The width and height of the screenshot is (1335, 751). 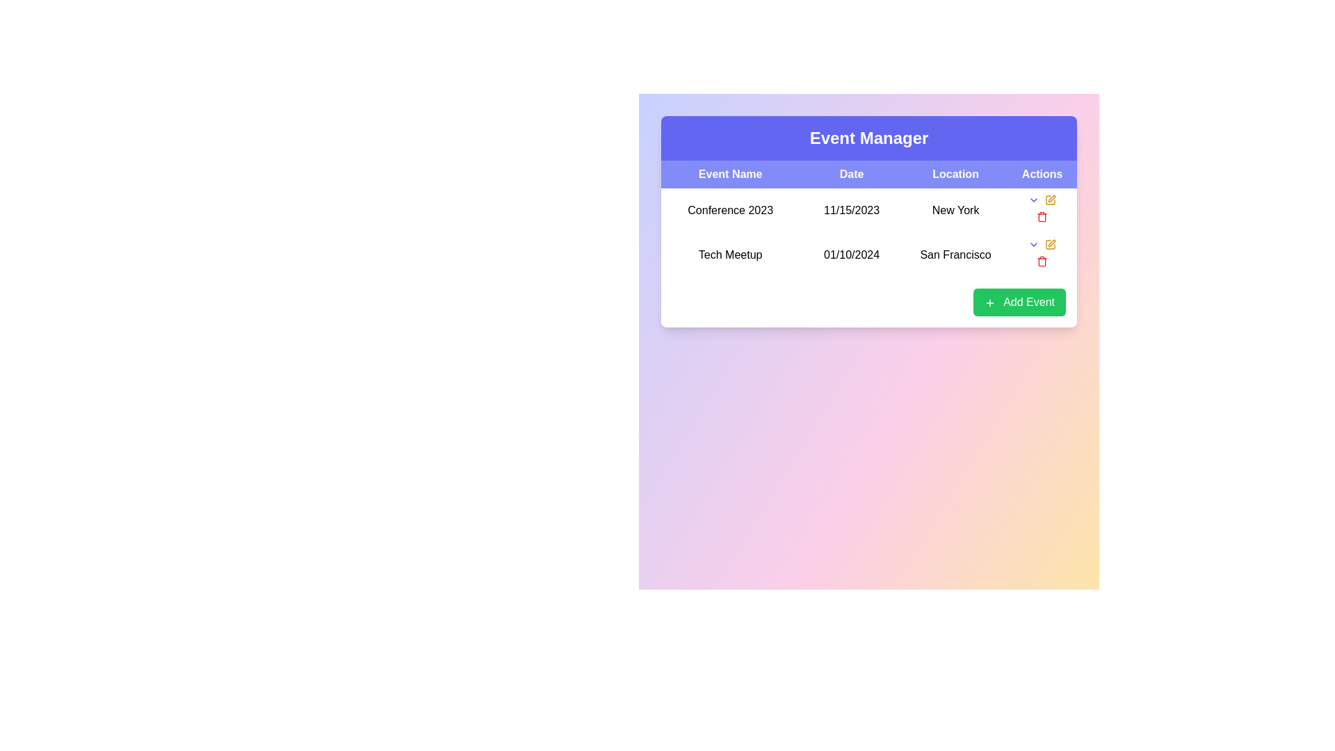 What do you see at coordinates (729, 173) in the screenshot?
I see `the Label/Header Cell that indicates event names, which is the leftmost of four header cells in a horizontal row, located at the top of the section` at bounding box center [729, 173].